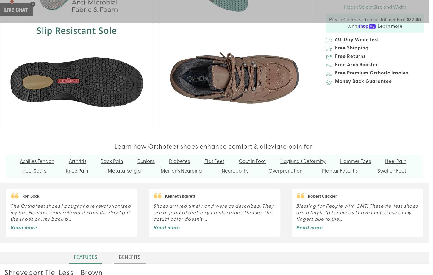  Describe the element at coordinates (214, 147) in the screenshot. I see `'Learn how Orthofeet shoes enhance comfort & alleviate pain for:'` at that location.